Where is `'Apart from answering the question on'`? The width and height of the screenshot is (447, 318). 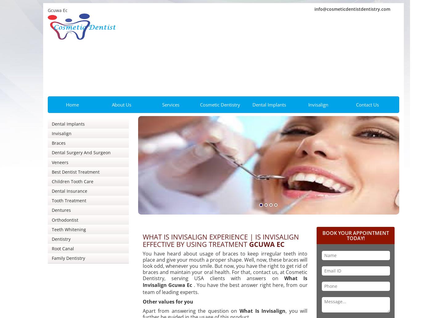
'Apart from answering the question on' is located at coordinates (191, 310).